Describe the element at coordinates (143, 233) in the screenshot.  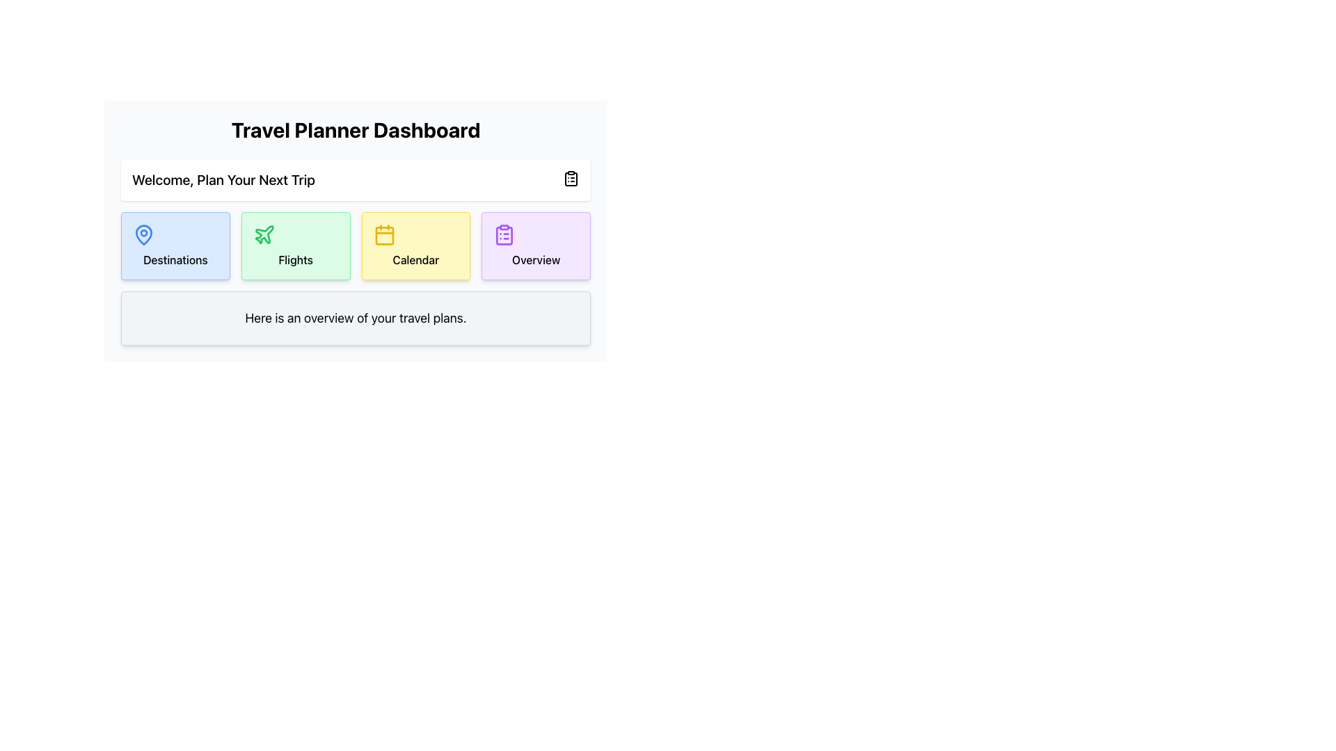
I see `the pin marker icon within the blue square card labeled 'Destinations'` at that location.